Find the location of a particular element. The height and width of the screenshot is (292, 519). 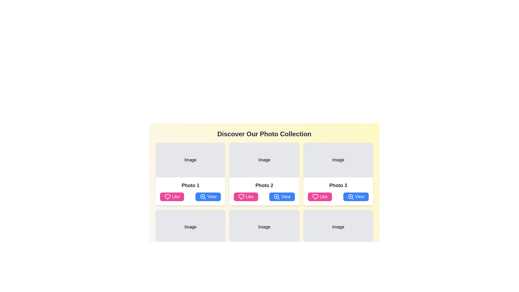

the static placeholder element located in the bottom row, center column of the photo card grid, directly beneath 'Photo 2' is located at coordinates (264, 227).